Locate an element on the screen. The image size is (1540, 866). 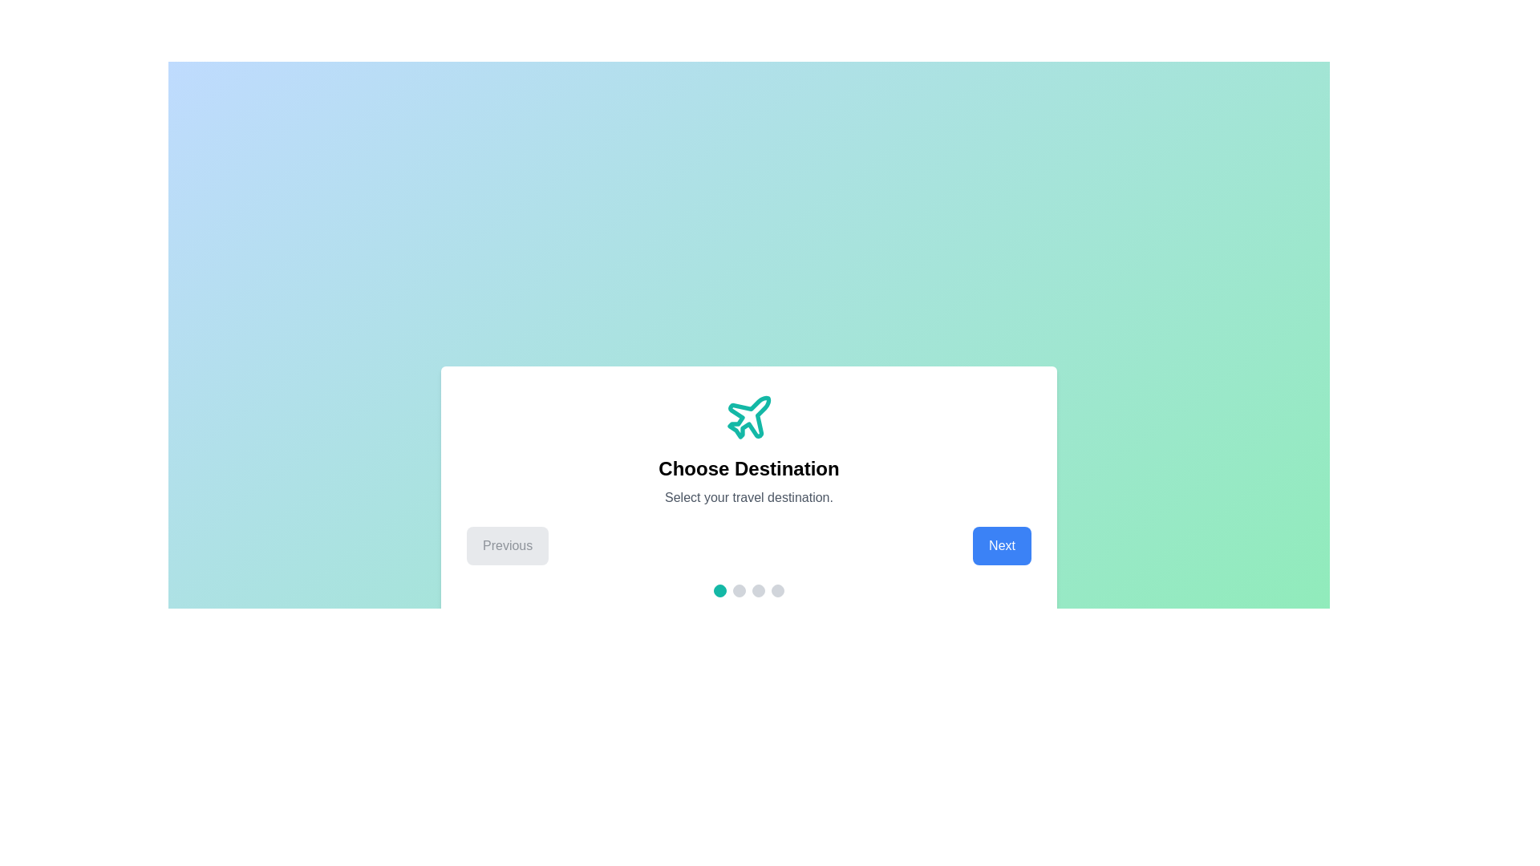
'Previous' button to navigate to the previous step is located at coordinates (507, 545).